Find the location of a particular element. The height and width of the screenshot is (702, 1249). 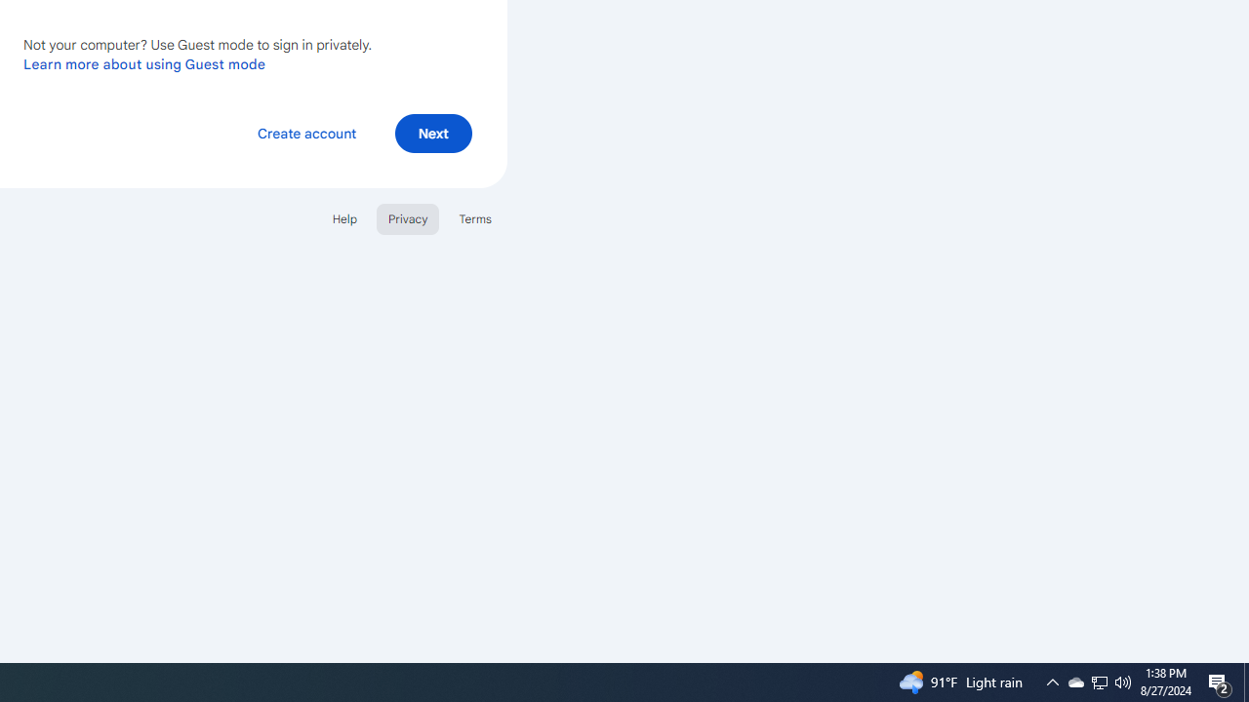

'Learn more about using Guest mode' is located at coordinates (143, 62).